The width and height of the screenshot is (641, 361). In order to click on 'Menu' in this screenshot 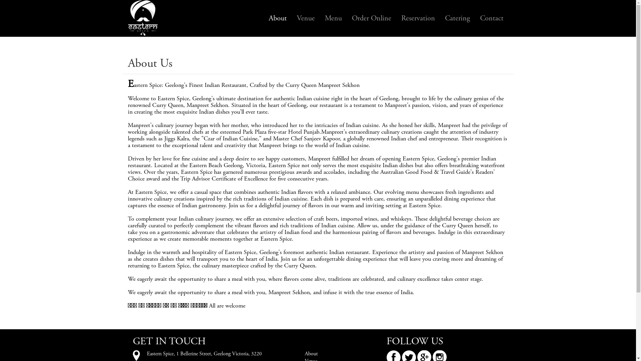, I will do `click(333, 18)`.